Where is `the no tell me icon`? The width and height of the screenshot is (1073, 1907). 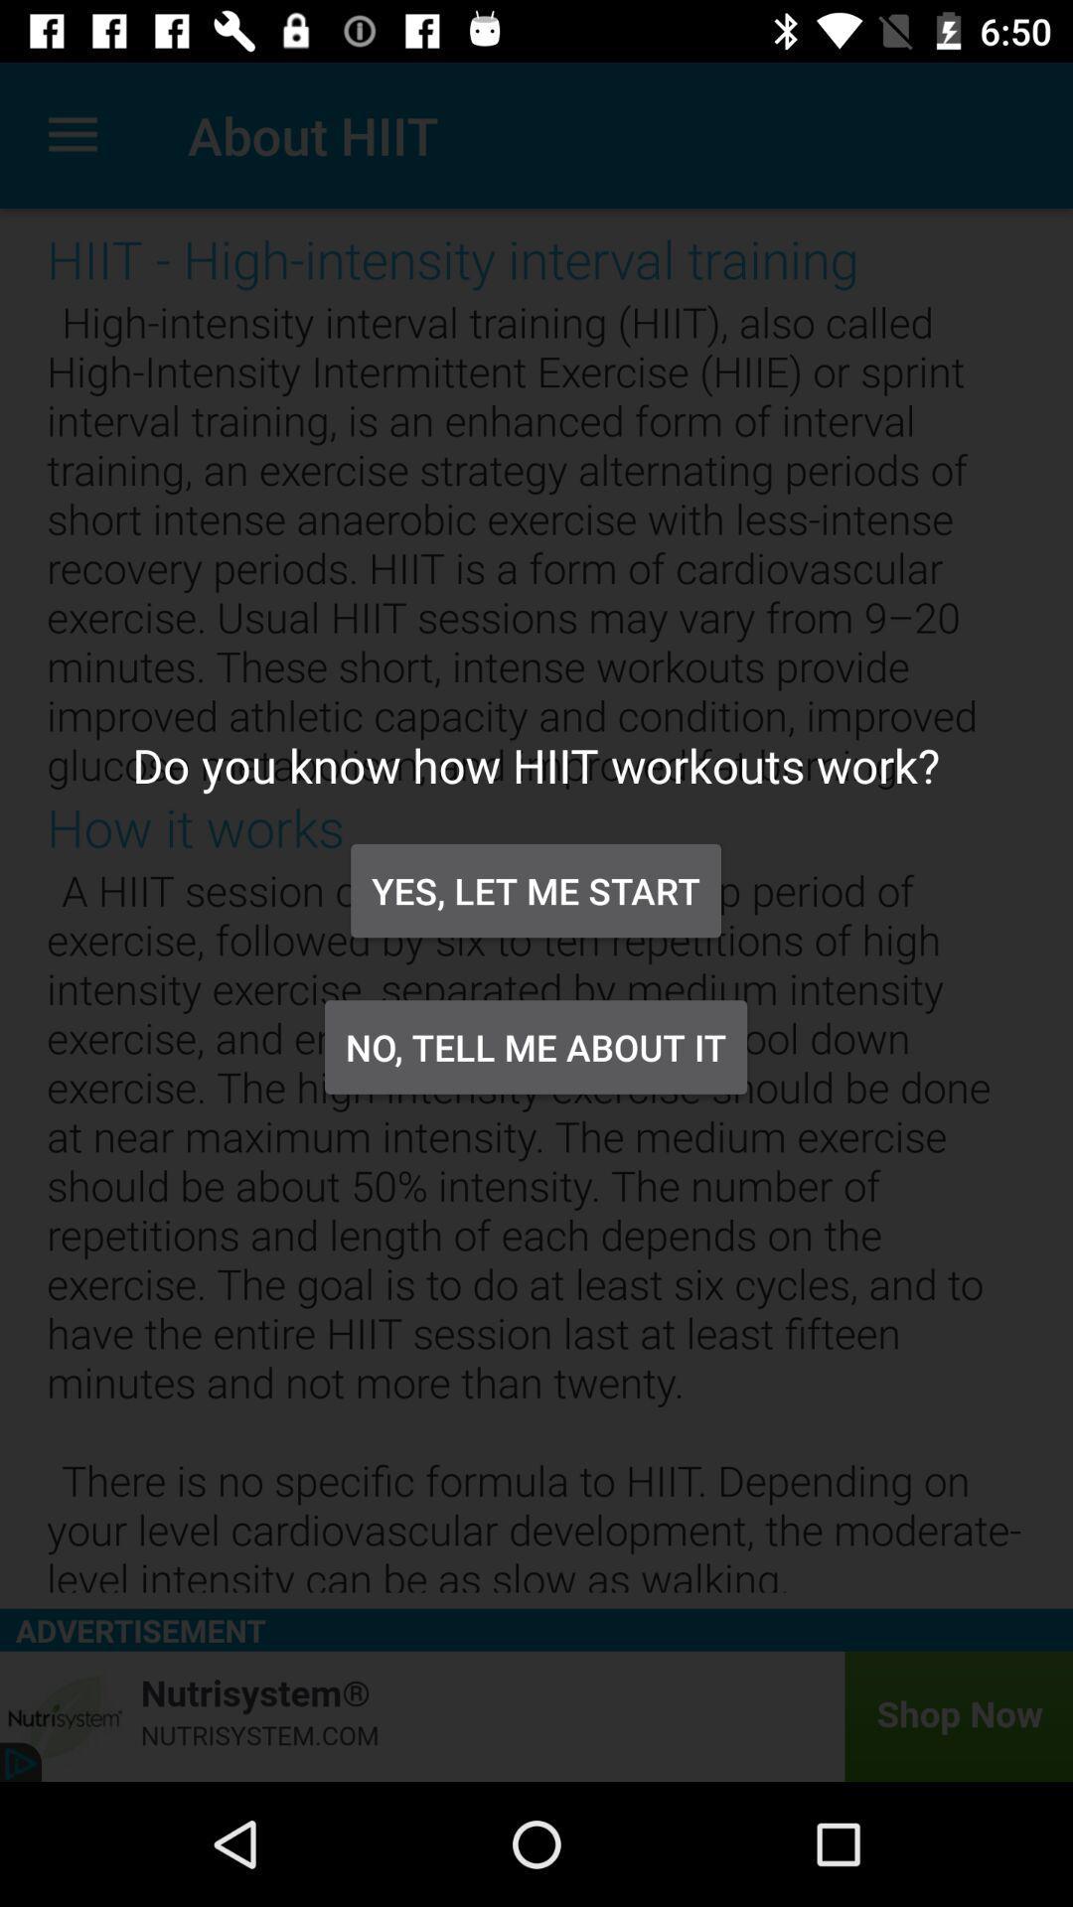
the no tell me icon is located at coordinates (535, 1046).